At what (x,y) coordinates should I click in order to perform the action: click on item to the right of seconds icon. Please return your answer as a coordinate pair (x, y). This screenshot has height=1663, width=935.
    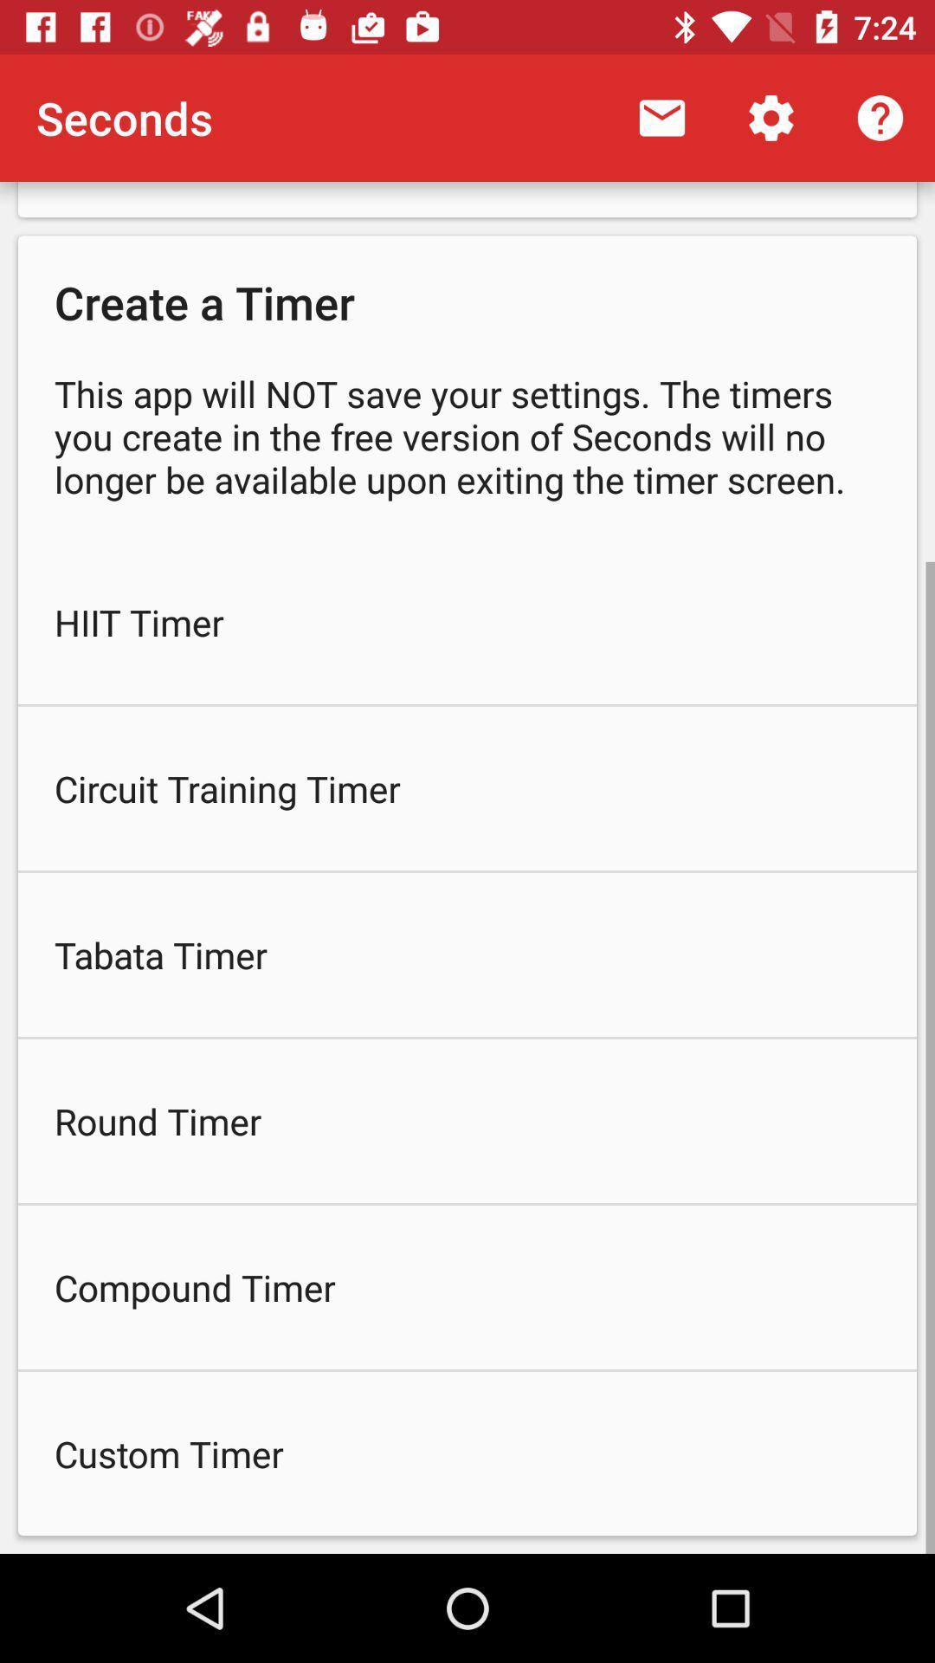
    Looking at the image, I should click on (661, 117).